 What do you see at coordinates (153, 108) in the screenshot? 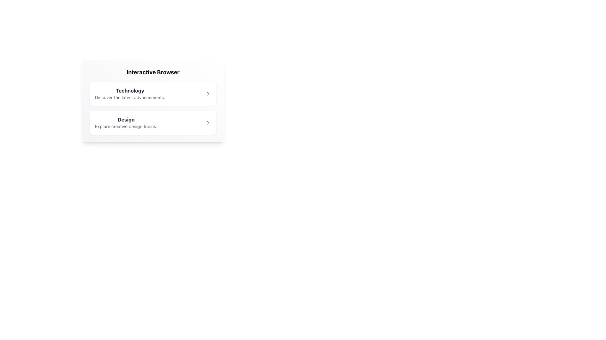
I see `the 'Technology' section of the interactive items styled as cards` at bounding box center [153, 108].